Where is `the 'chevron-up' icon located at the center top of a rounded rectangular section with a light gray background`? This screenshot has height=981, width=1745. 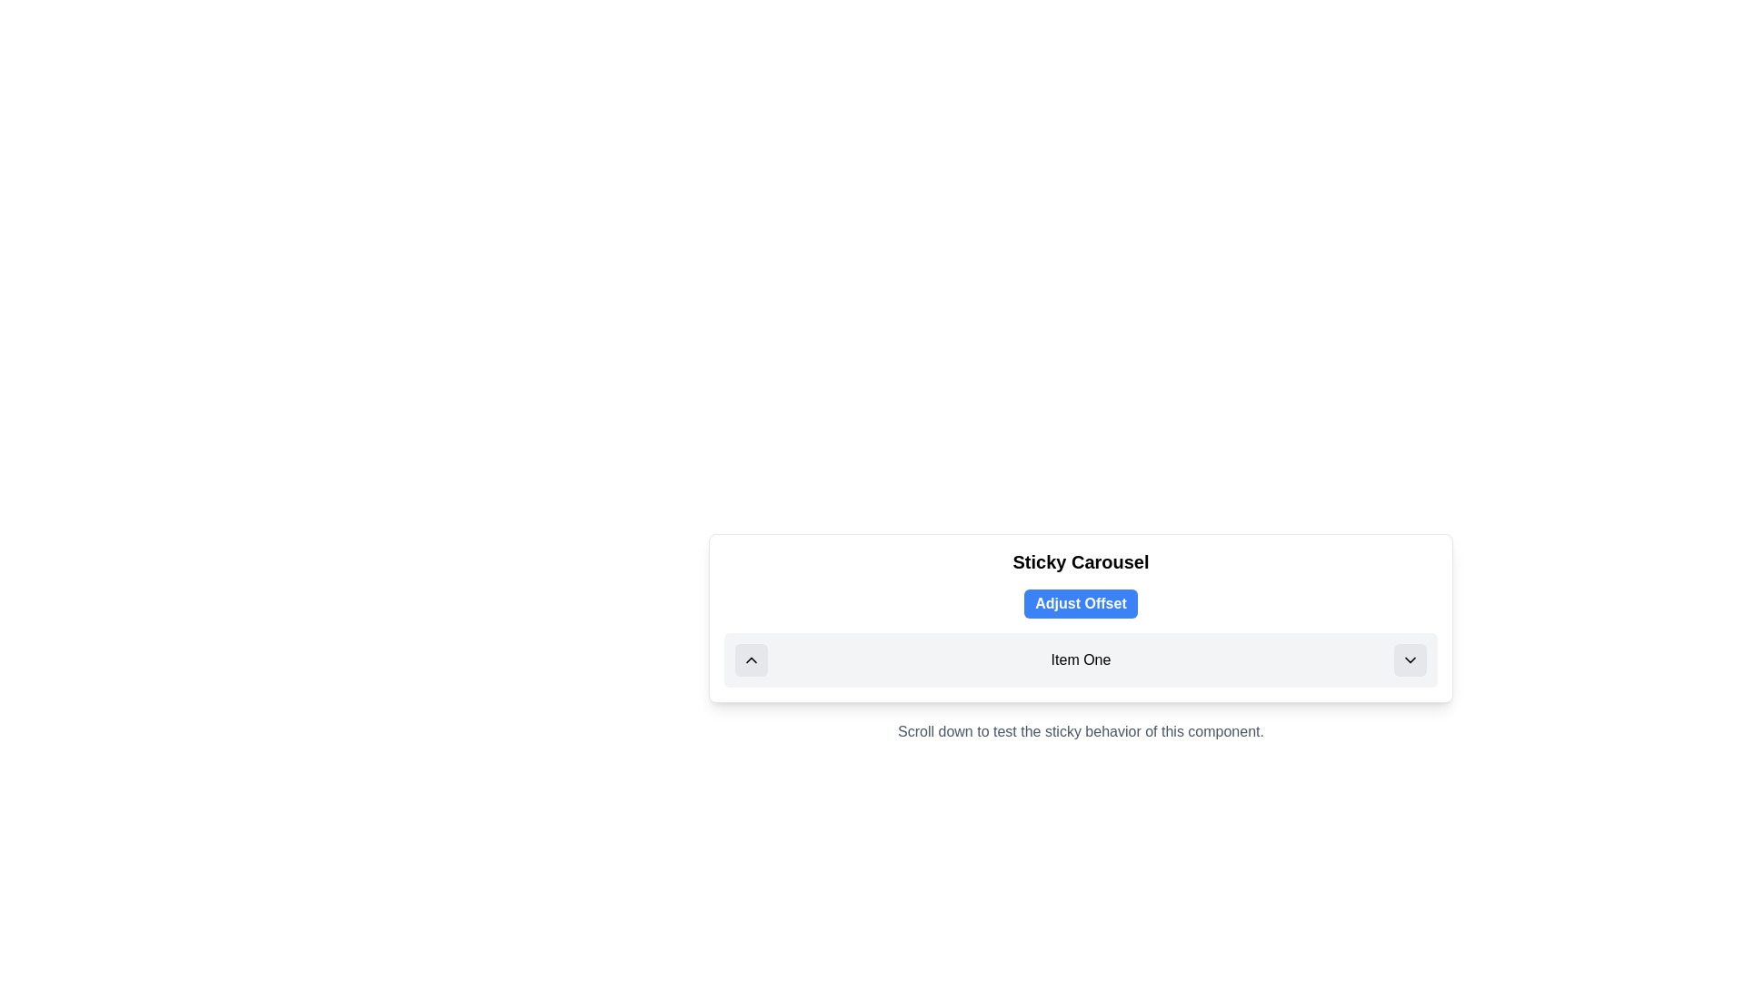
the 'chevron-up' icon located at the center top of a rounded rectangular section with a light gray background is located at coordinates (751, 659).